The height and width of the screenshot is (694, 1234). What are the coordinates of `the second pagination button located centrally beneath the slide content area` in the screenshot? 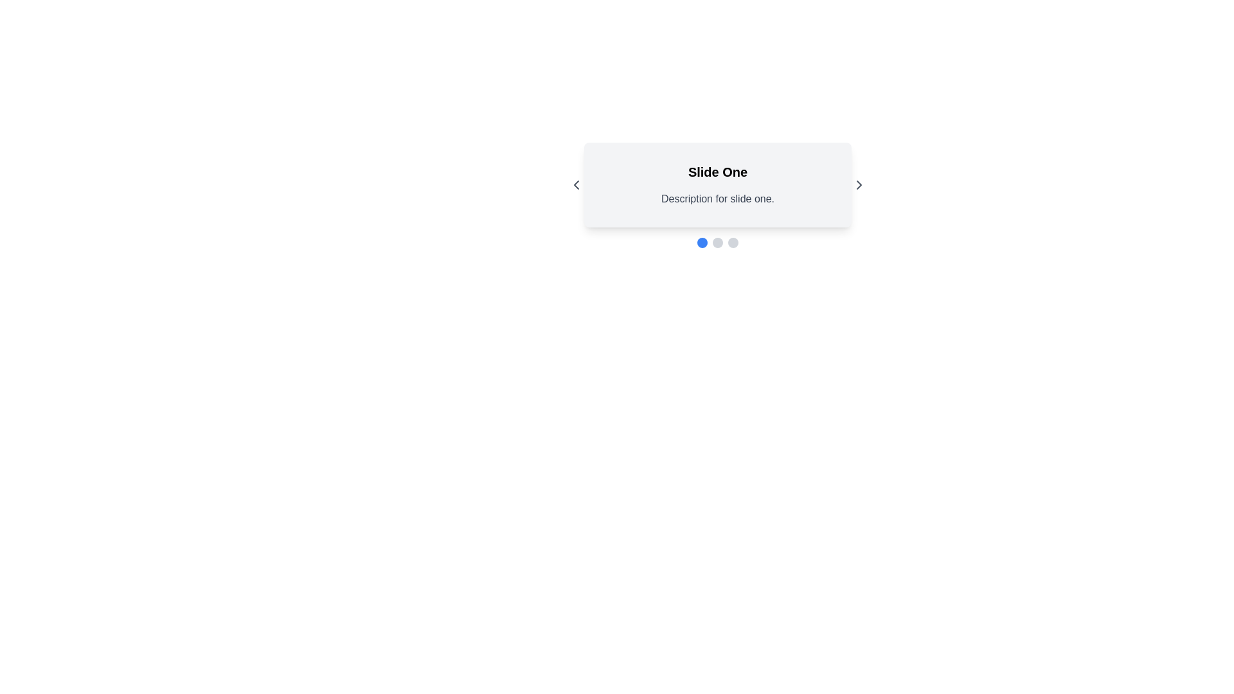 It's located at (717, 243).